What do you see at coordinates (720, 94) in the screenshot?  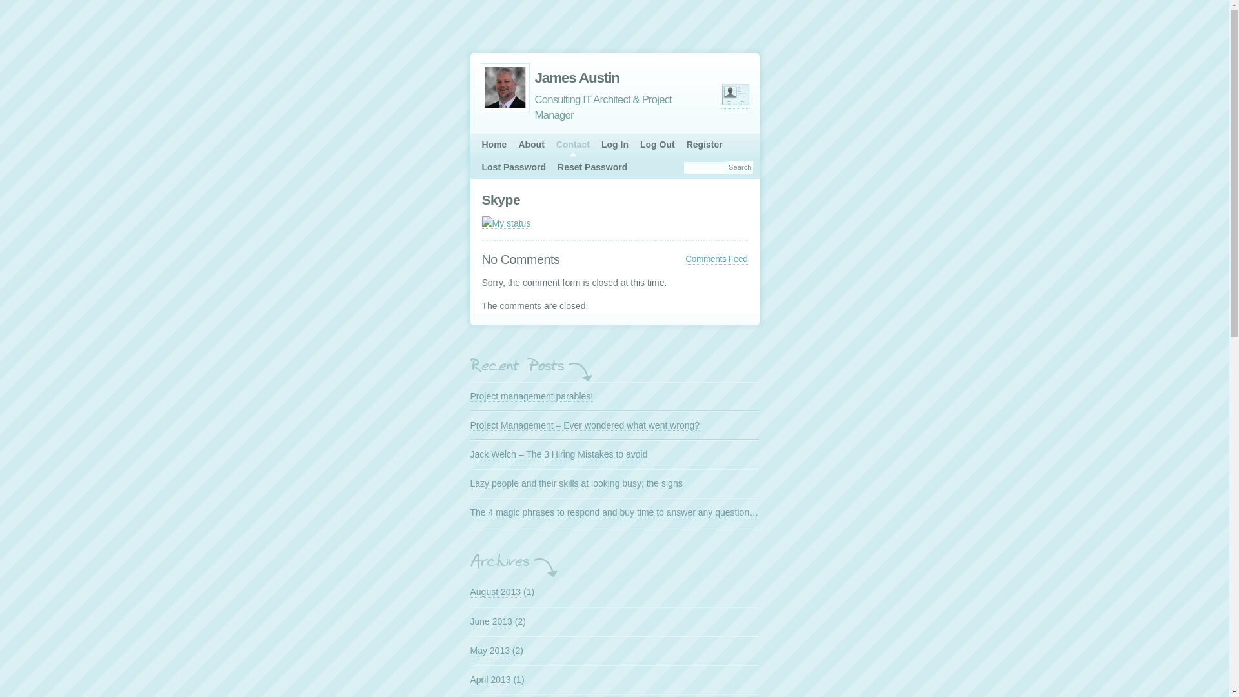 I see `'Download vCard'` at bounding box center [720, 94].